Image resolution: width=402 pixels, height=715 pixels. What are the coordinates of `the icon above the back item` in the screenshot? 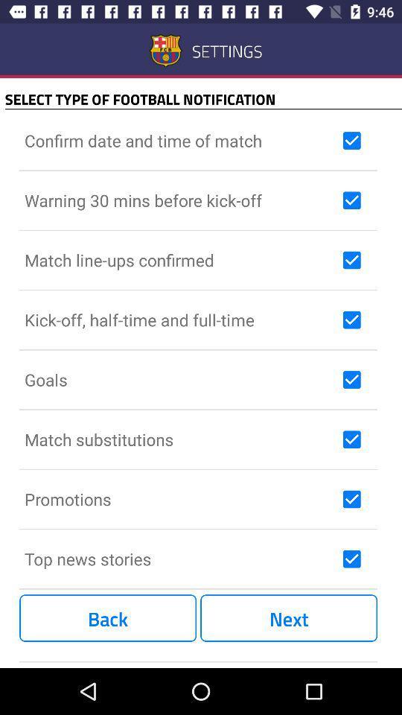 It's located at (180, 558).